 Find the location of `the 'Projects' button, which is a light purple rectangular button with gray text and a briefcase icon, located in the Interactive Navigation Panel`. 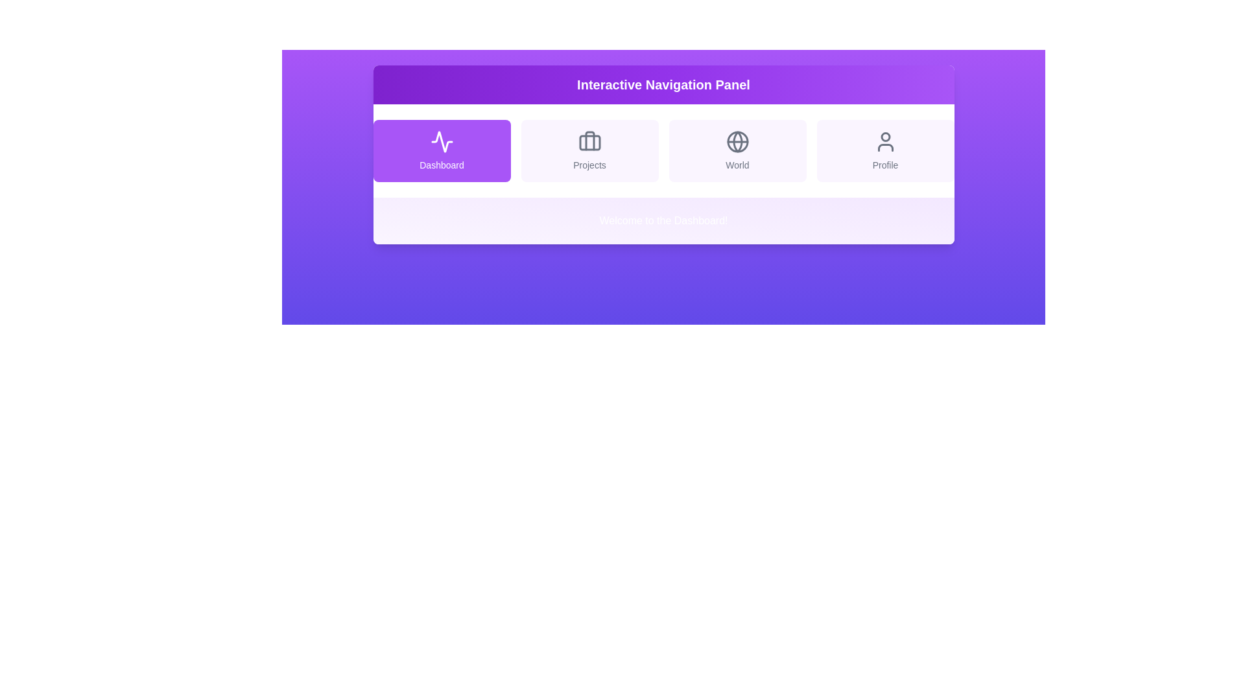

the 'Projects' button, which is a light purple rectangular button with gray text and a briefcase icon, located in the Interactive Navigation Panel is located at coordinates (589, 150).